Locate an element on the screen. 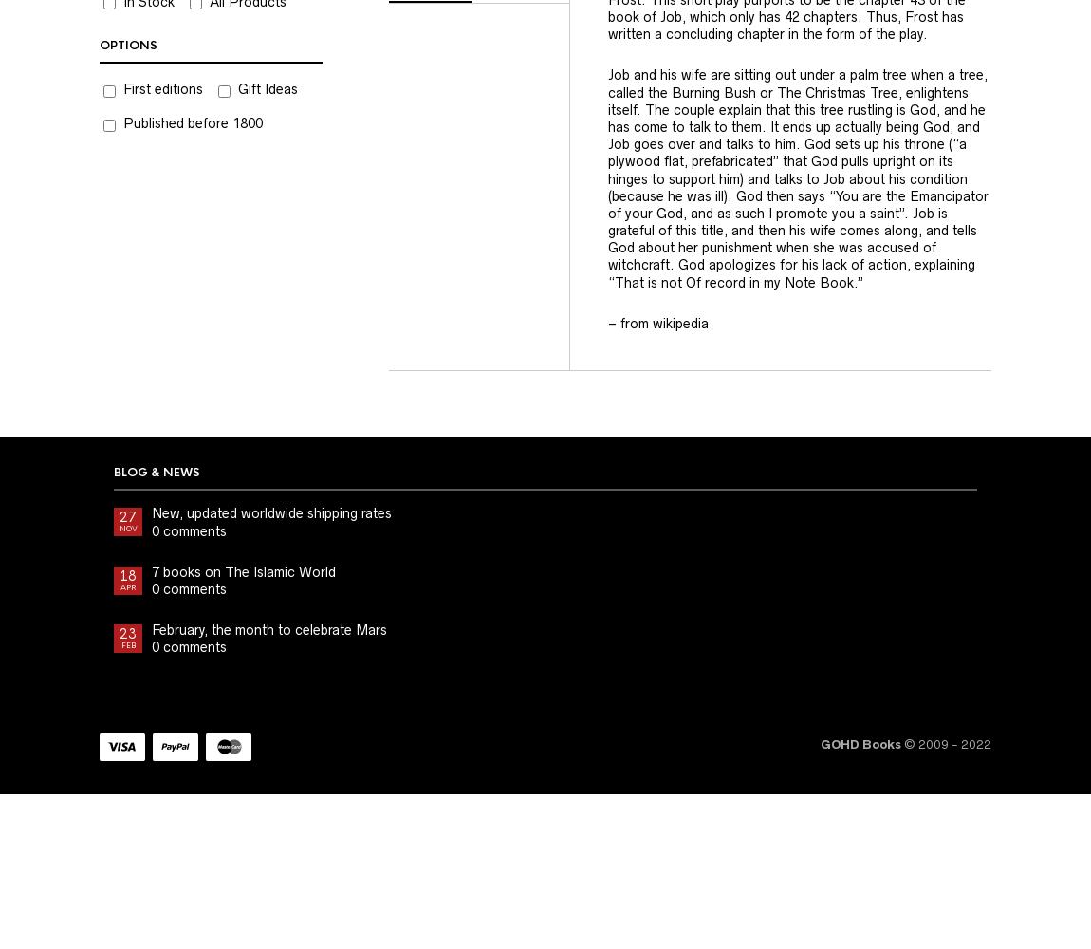  'Blog & News' is located at coordinates (112, 472).